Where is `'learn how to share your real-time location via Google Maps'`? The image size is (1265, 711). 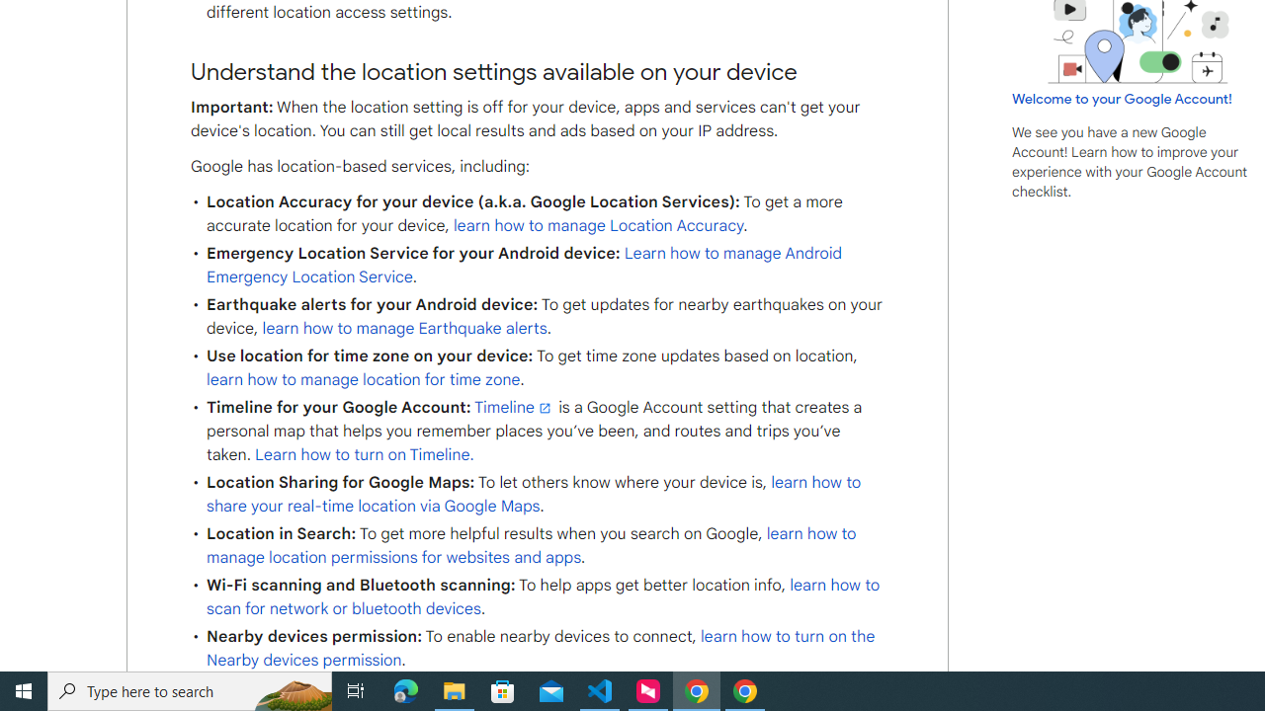
'learn how to share your real-time location via Google Maps' is located at coordinates (534, 493).